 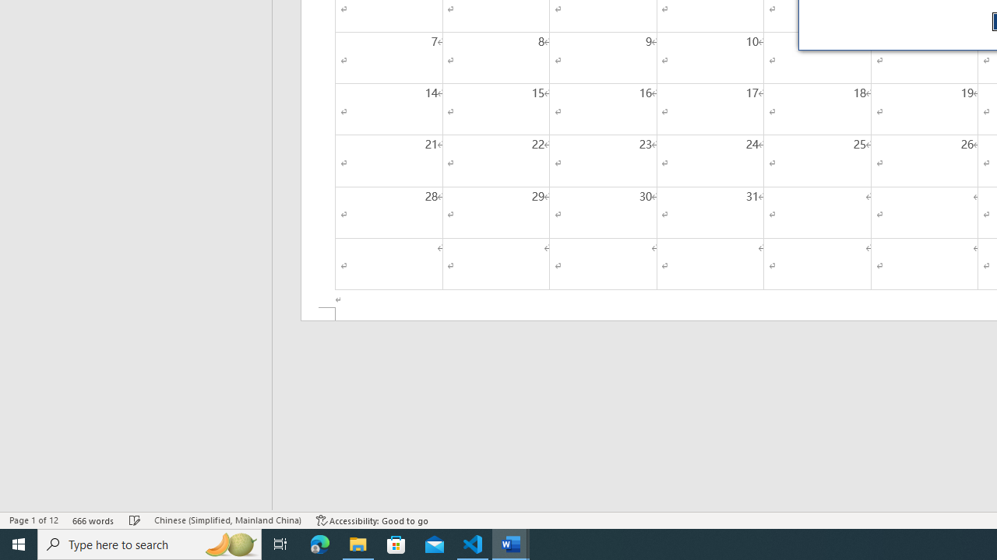 I want to click on 'Task View', so click(x=280, y=543).